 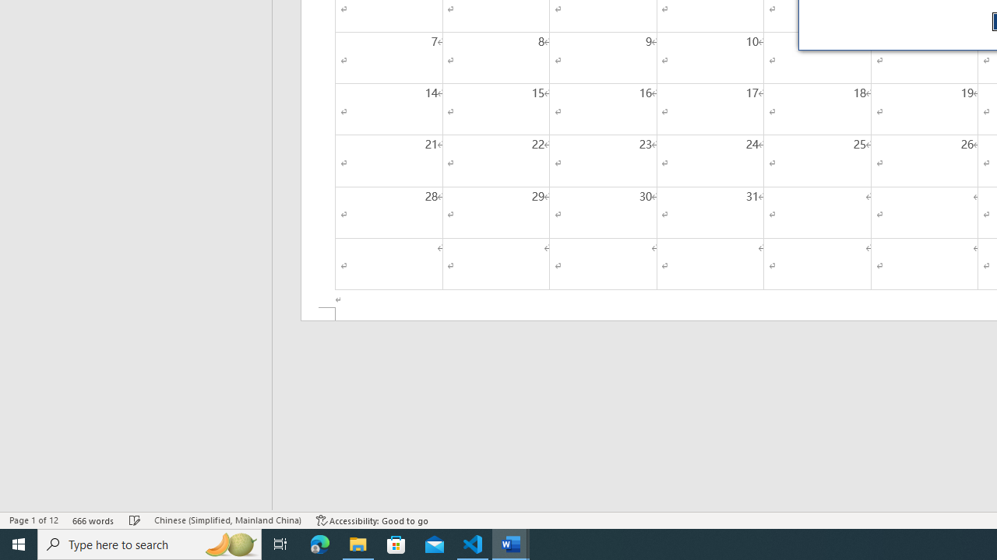 I want to click on 'Task View', so click(x=280, y=543).